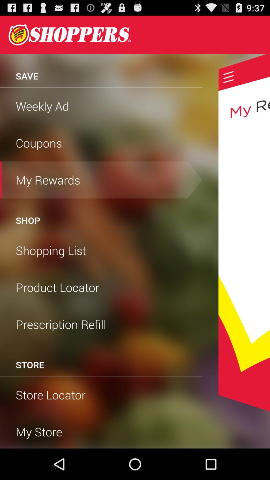 This screenshot has width=270, height=480. Describe the element at coordinates (228, 76) in the screenshot. I see `settings` at that location.